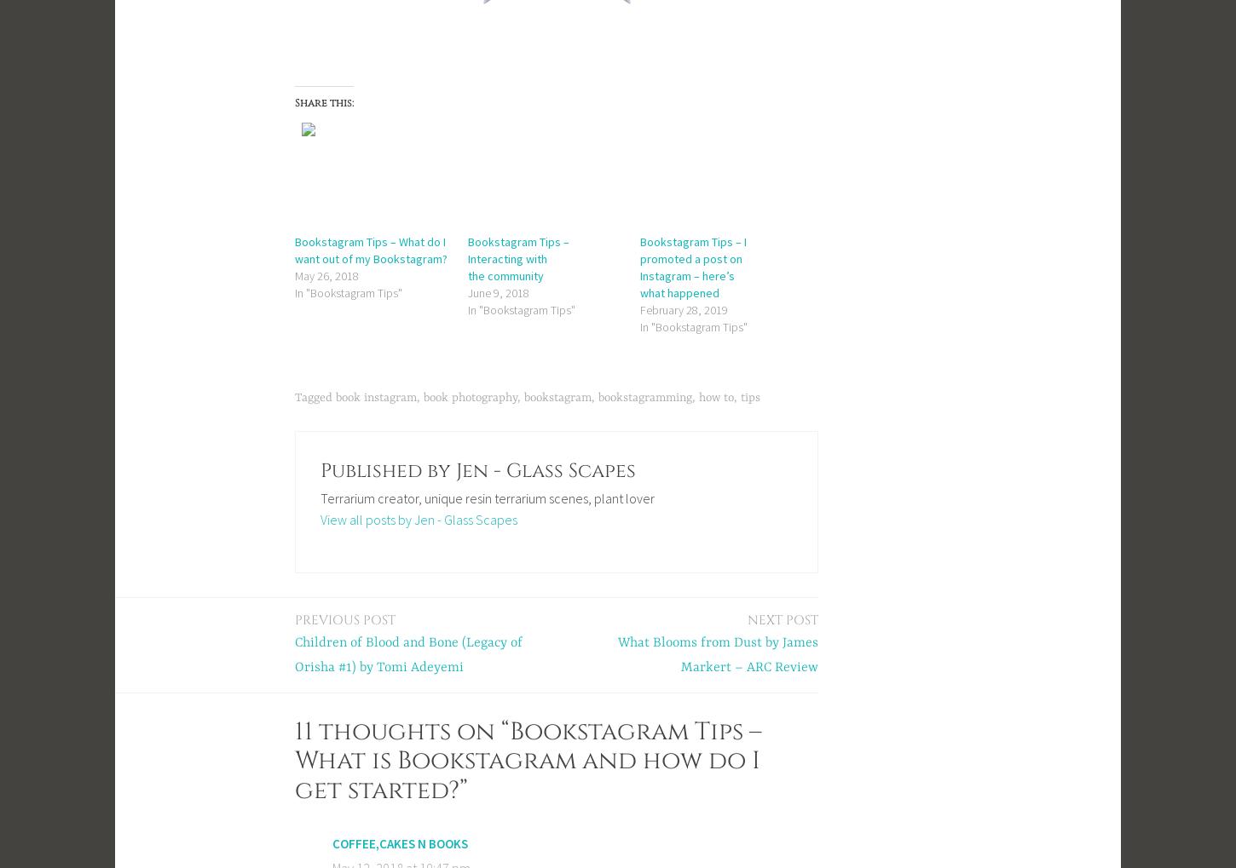  What do you see at coordinates (471, 397) in the screenshot?
I see `'book photography'` at bounding box center [471, 397].